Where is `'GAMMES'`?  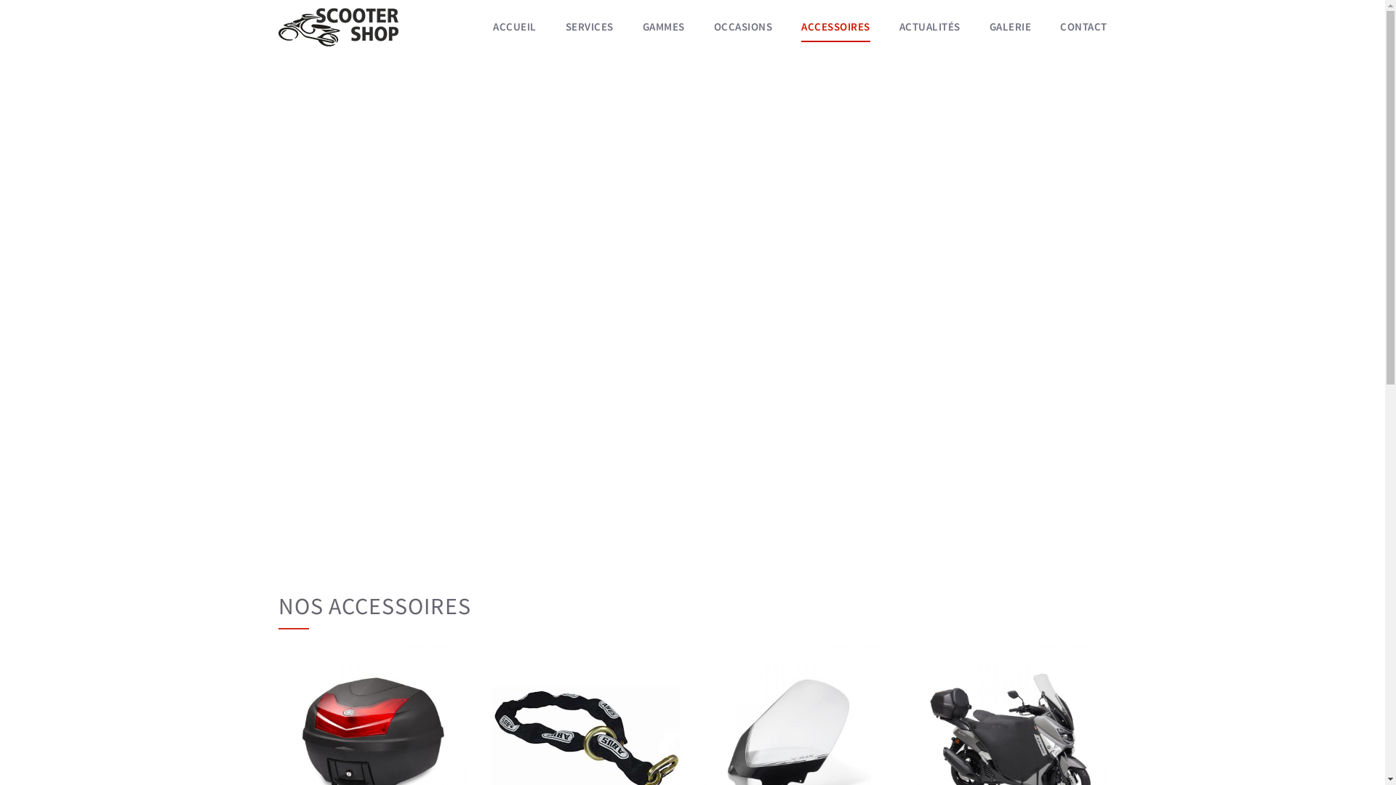
'GAMMES' is located at coordinates (662, 27).